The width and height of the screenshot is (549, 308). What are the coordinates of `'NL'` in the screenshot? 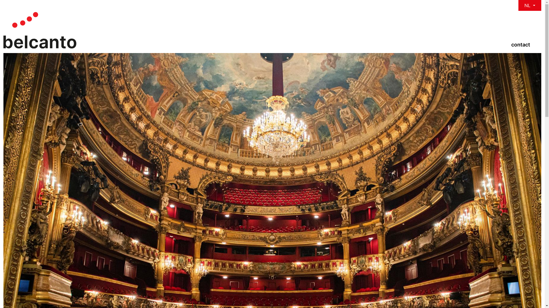 It's located at (529, 5).